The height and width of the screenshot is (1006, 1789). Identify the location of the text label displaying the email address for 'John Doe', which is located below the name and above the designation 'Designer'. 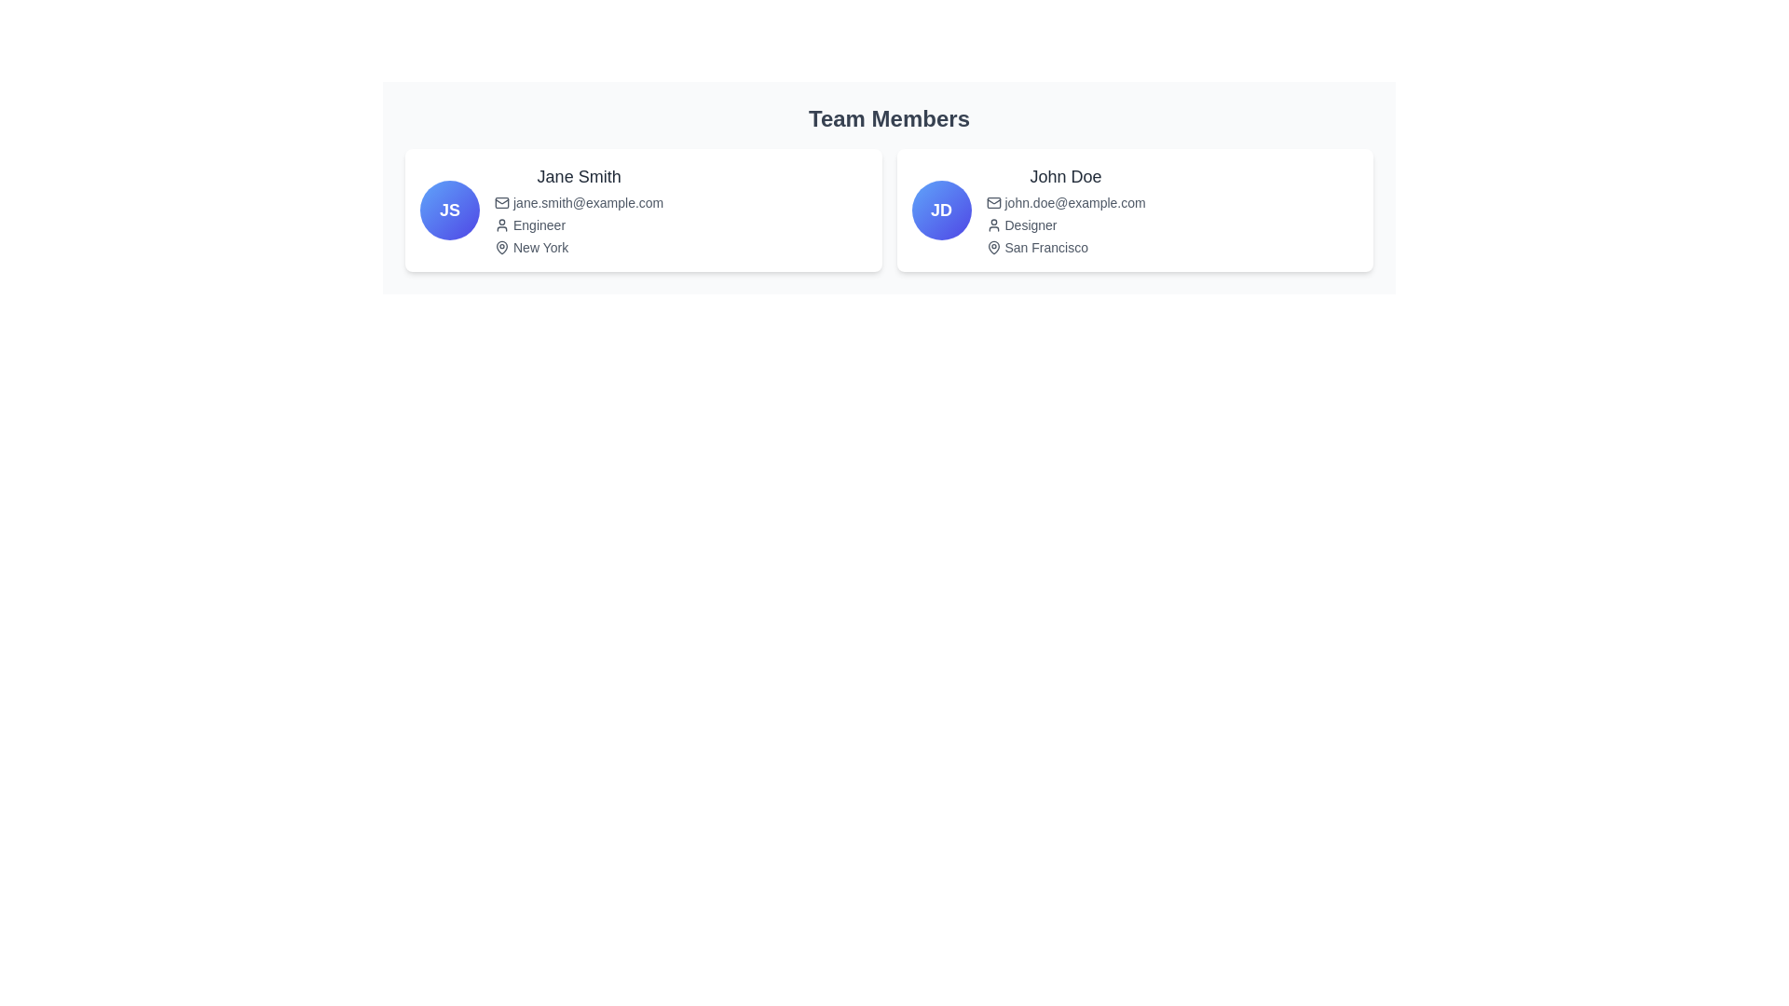
(1066, 203).